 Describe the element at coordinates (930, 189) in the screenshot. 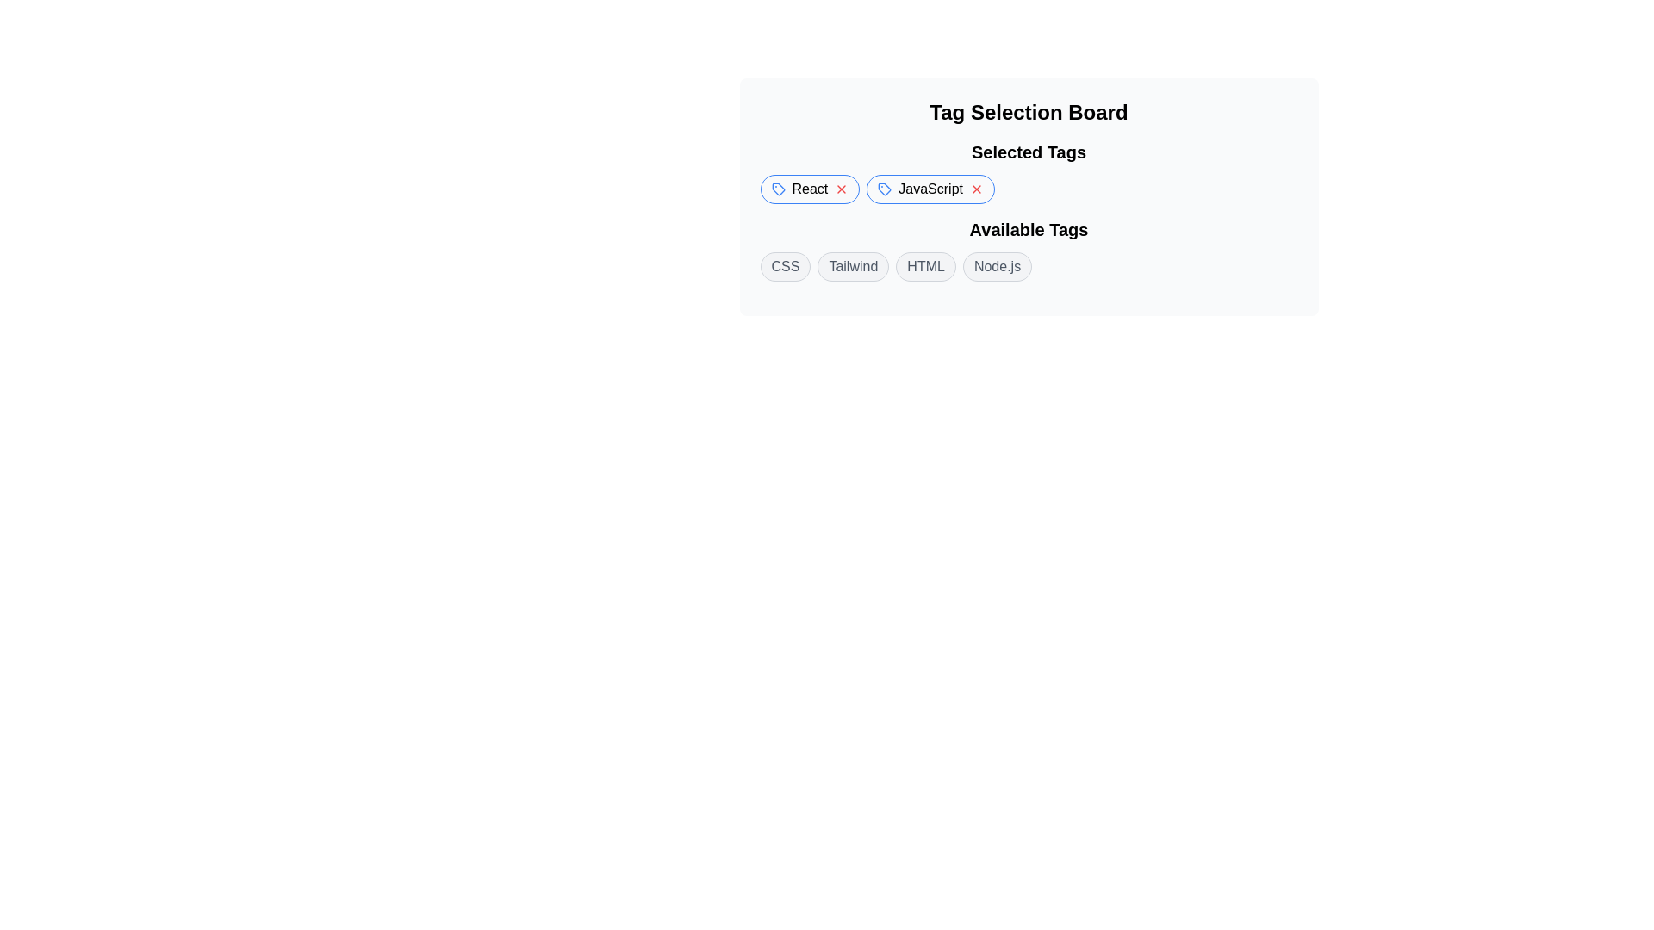

I see `the 'JavaScript' label which is the second tag in the selected tags section, displayed in a standard sans-serif font with a light blue border` at that location.